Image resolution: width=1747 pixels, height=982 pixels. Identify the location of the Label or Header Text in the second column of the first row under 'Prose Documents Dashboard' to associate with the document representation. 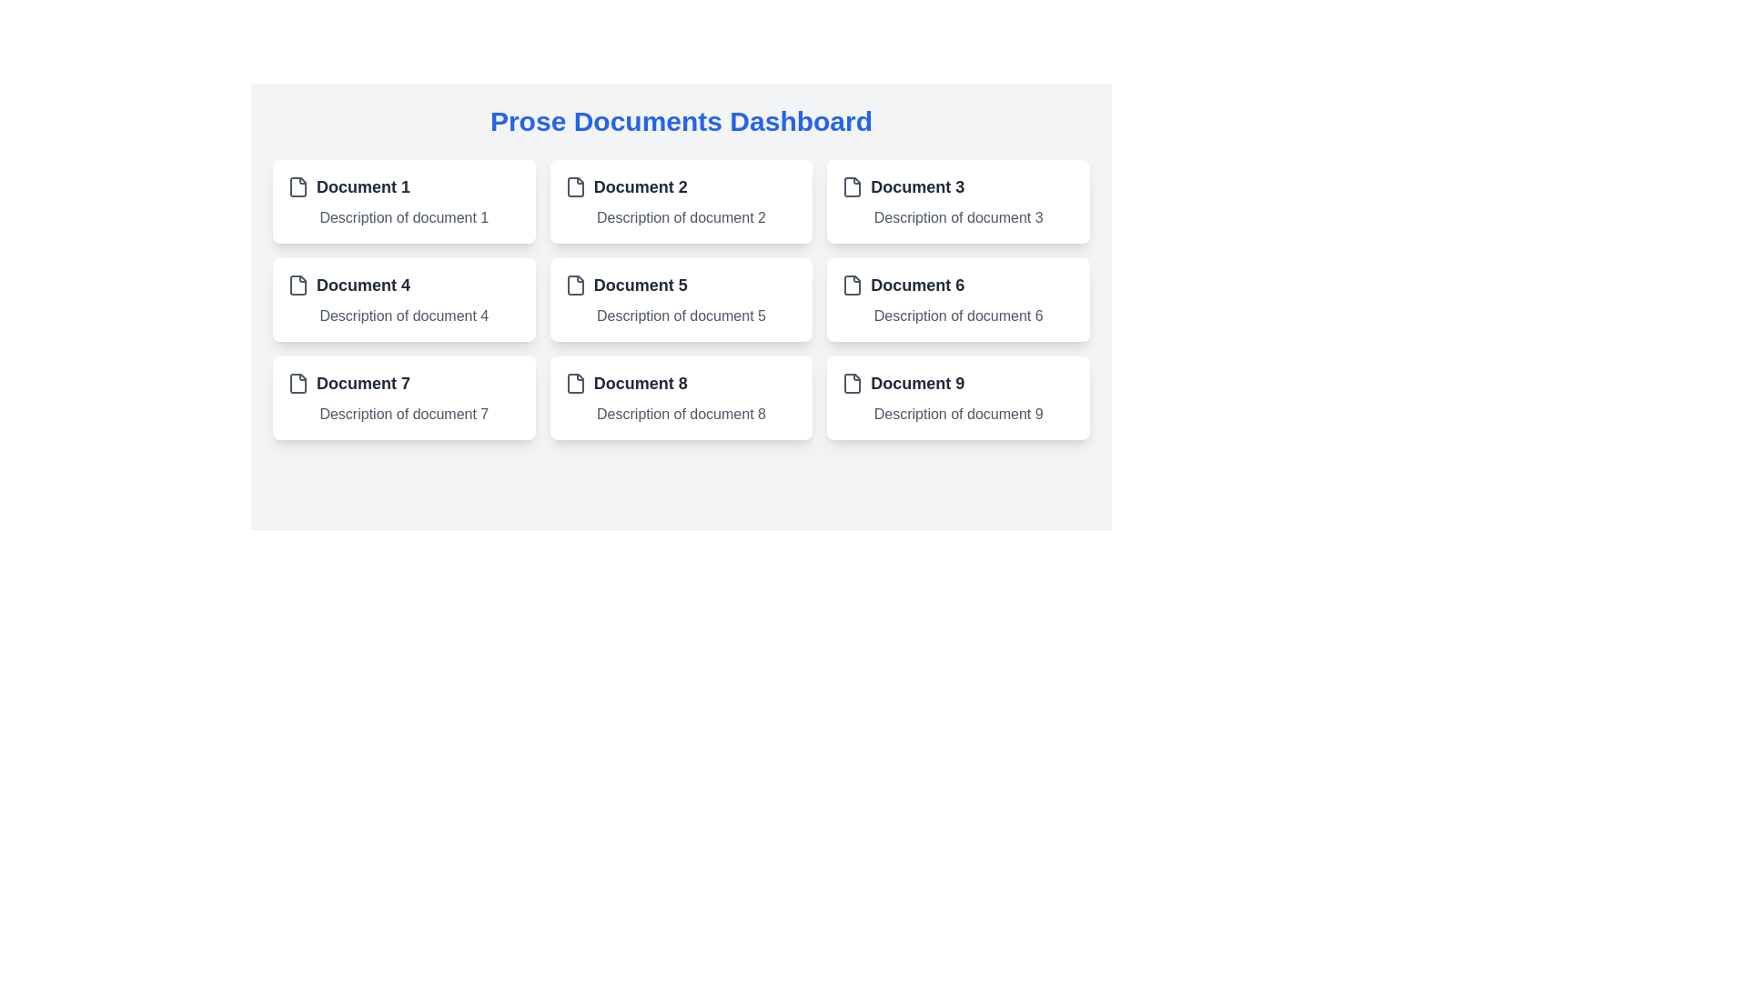
(680, 186).